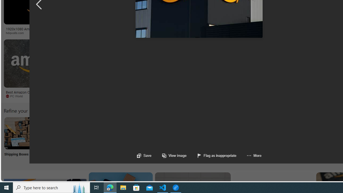 The image size is (343, 193). I want to click on 'Flag as inappropriate', so click(211, 155).